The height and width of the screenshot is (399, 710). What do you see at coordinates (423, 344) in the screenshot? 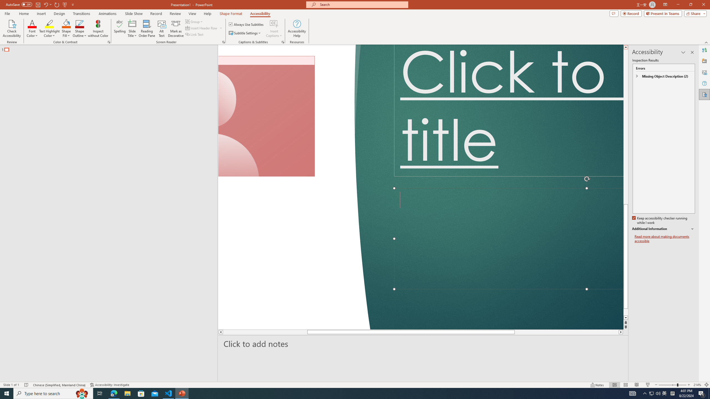
I see `'Slide Notes'` at bounding box center [423, 344].